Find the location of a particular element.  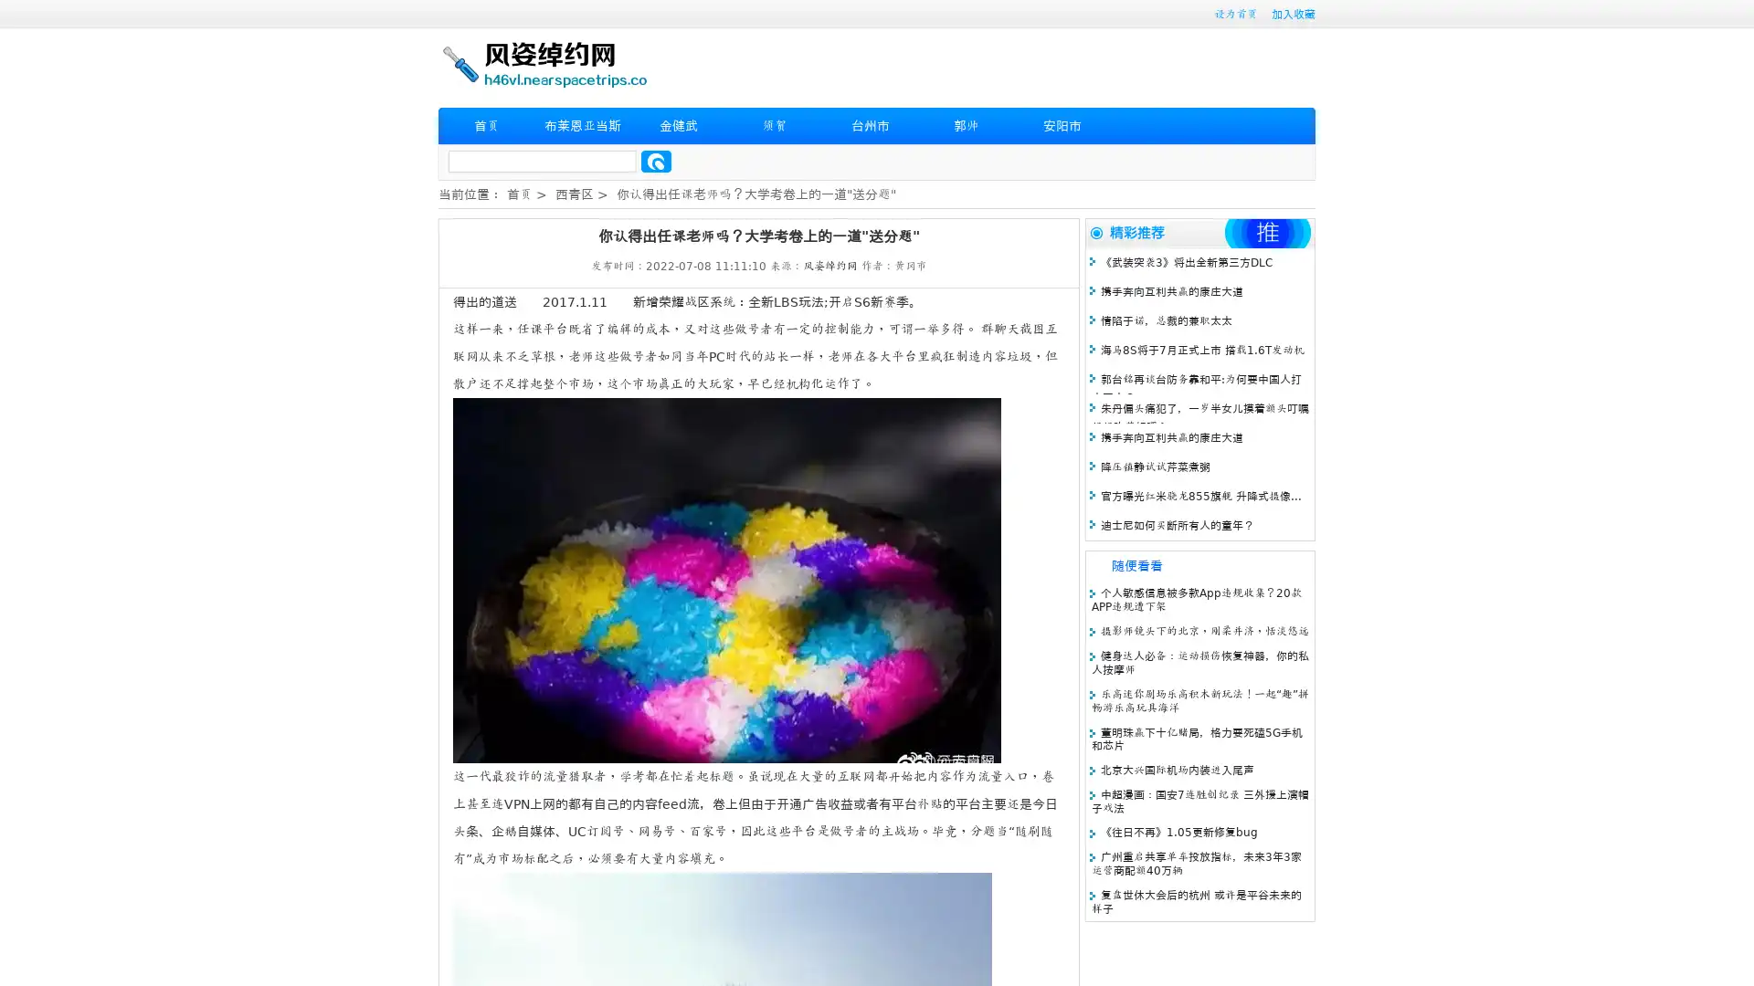

Search is located at coordinates (656, 161).